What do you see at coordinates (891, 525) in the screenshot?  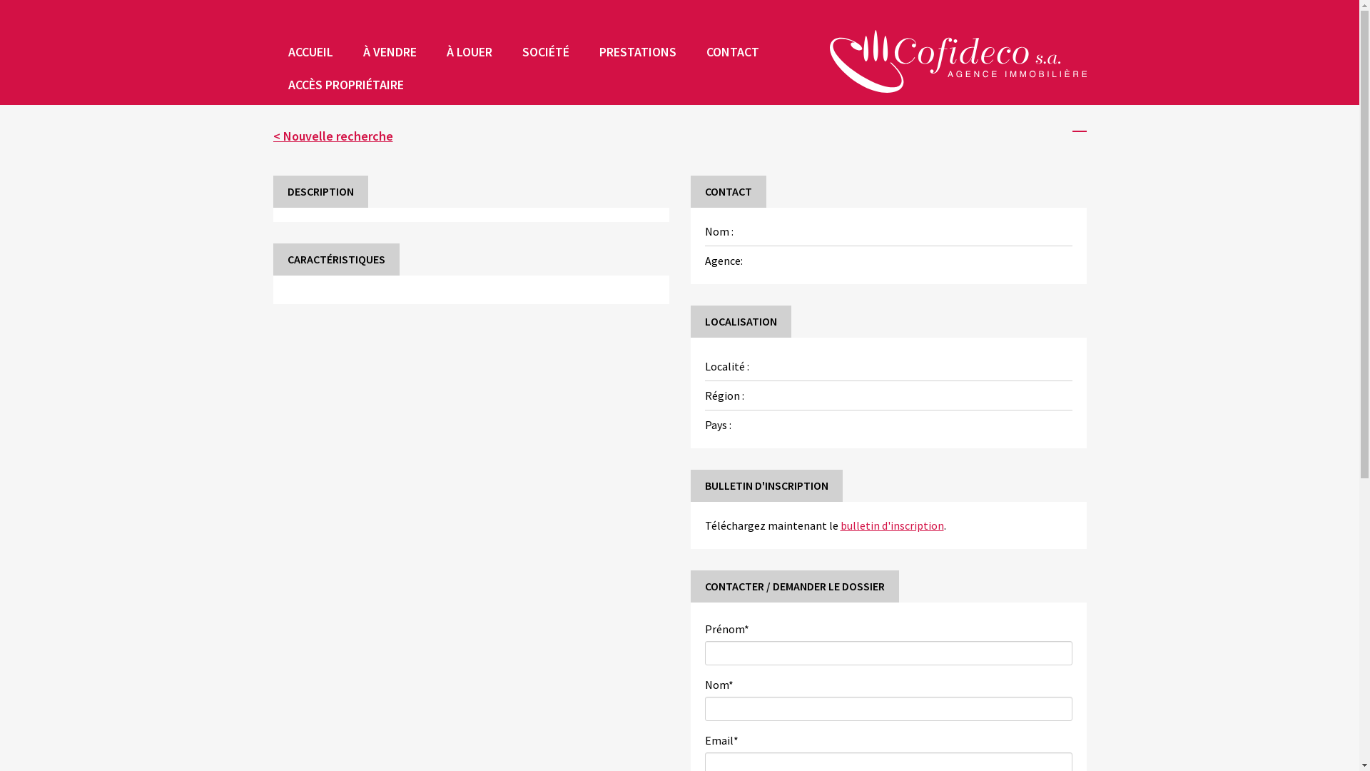 I see `'bulletin d'inscription'` at bounding box center [891, 525].